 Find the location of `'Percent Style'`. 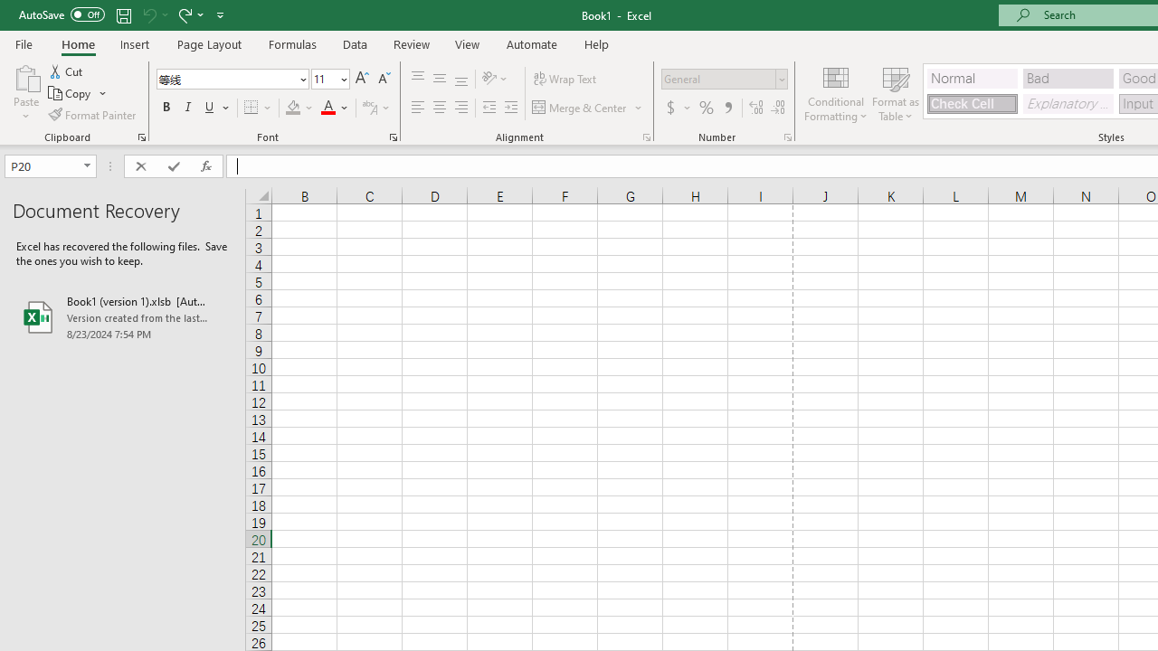

'Percent Style' is located at coordinates (706, 108).